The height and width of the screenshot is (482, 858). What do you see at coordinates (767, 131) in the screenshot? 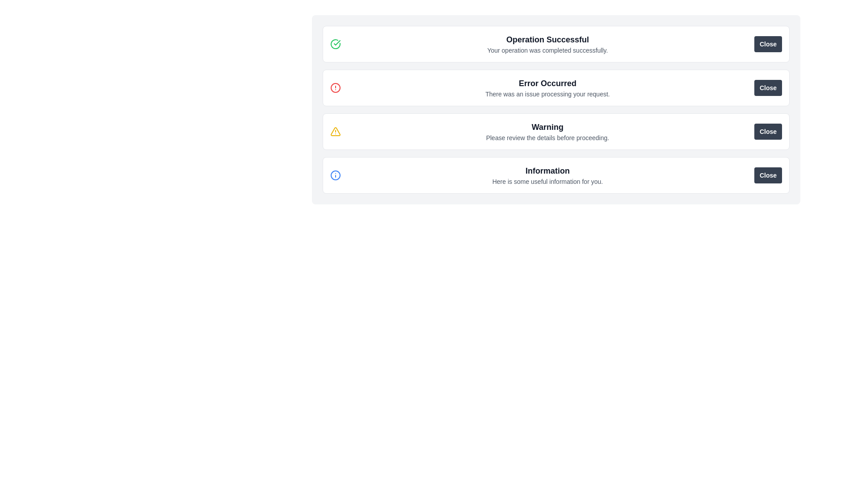
I see `the 'Close' button, which is labeled with white text on a dark gray background and located at the right end of the warning box` at bounding box center [767, 131].